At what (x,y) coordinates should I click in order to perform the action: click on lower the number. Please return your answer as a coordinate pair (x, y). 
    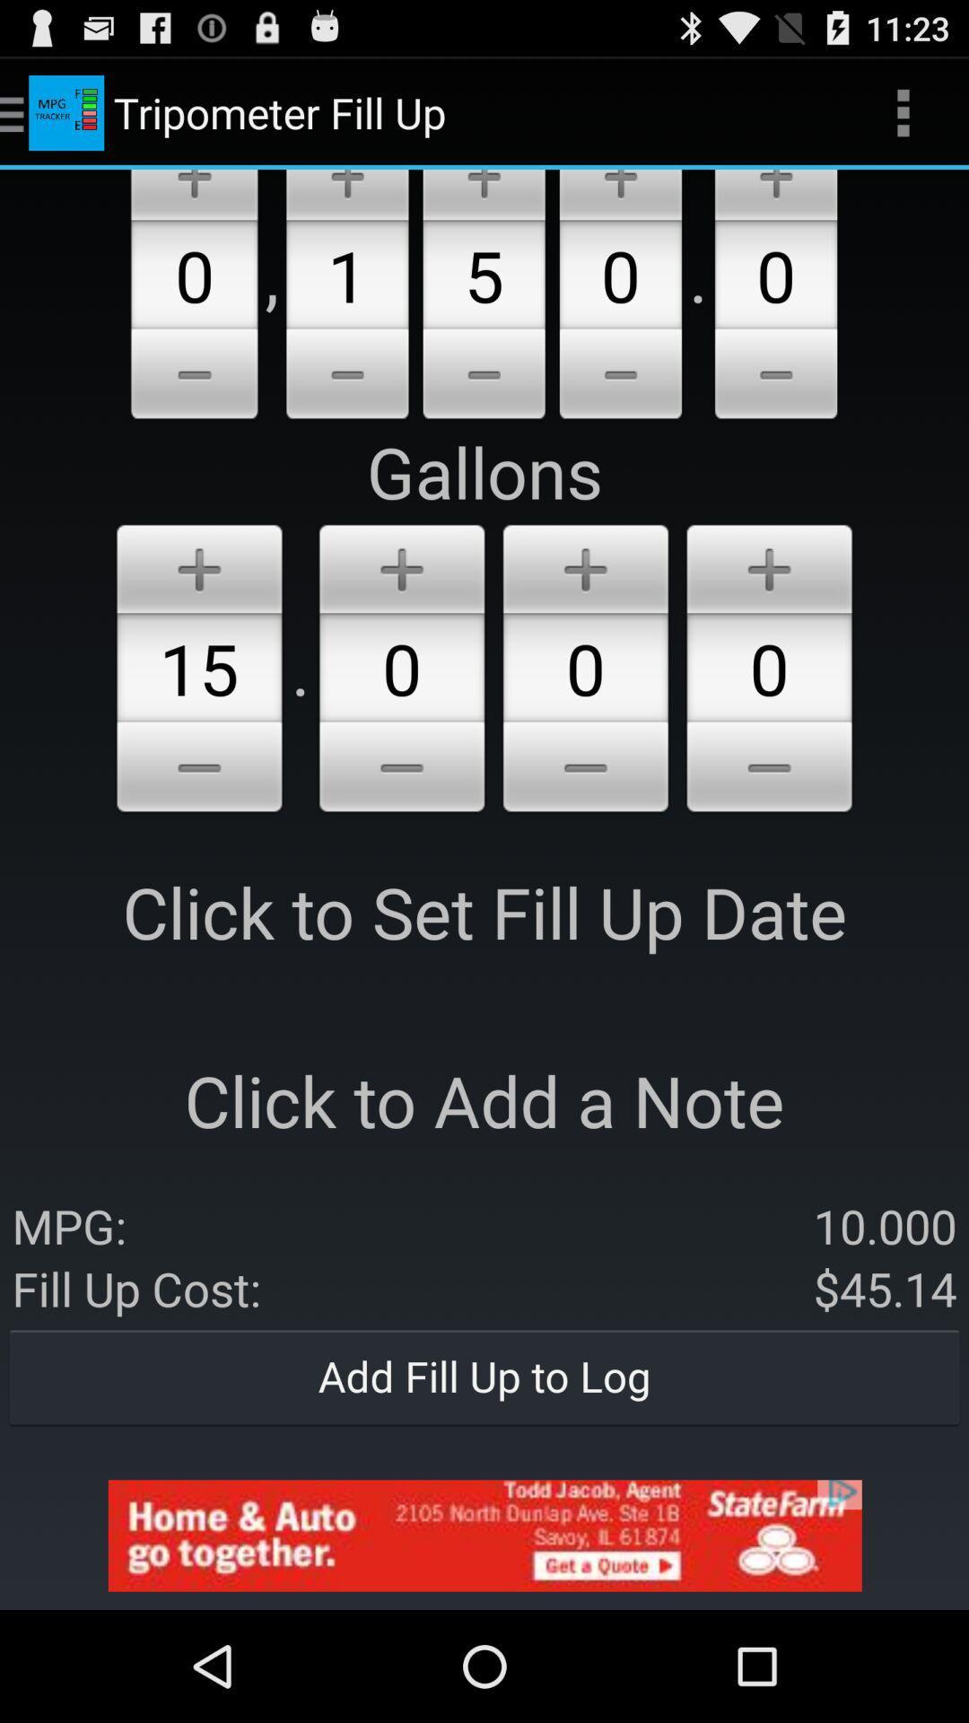
    Looking at the image, I should click on (775, 376).